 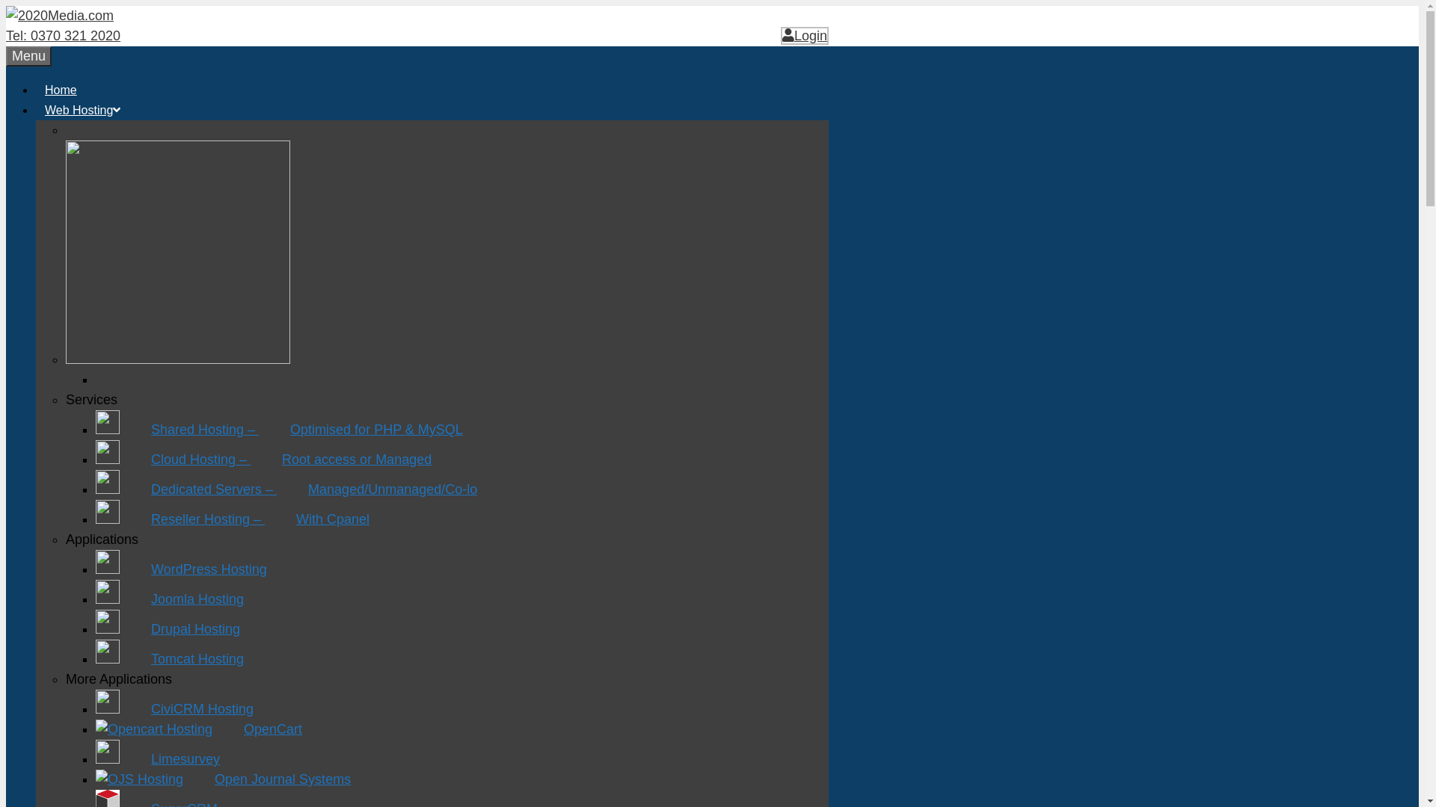 What do you see at coordinates (95, 628) in the screenshot?
I see `'Drupal Hosting'` at bounding box center [95, 628].